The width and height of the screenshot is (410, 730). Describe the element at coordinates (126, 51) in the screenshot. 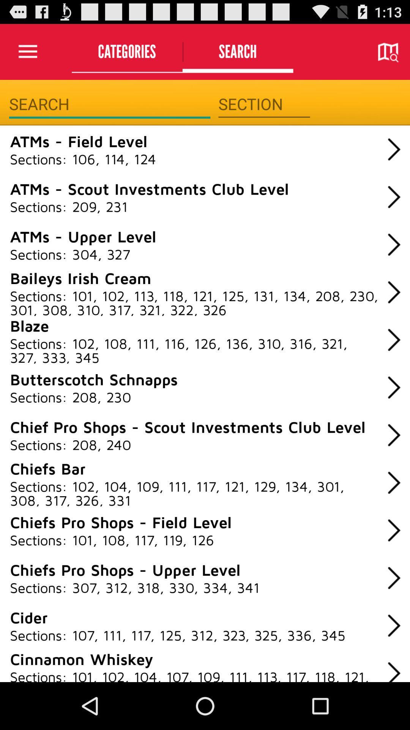

I see `the categories icon` at that location.